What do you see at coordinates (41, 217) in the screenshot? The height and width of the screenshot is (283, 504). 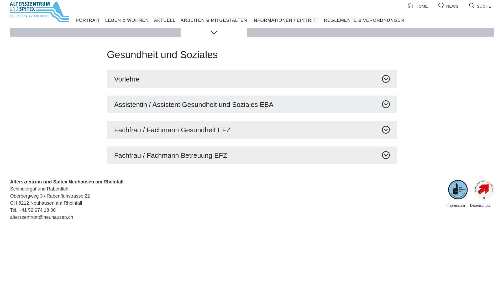 I see `'alterszentrum@neuhausen.ch'` at bounding box center [41, 217].